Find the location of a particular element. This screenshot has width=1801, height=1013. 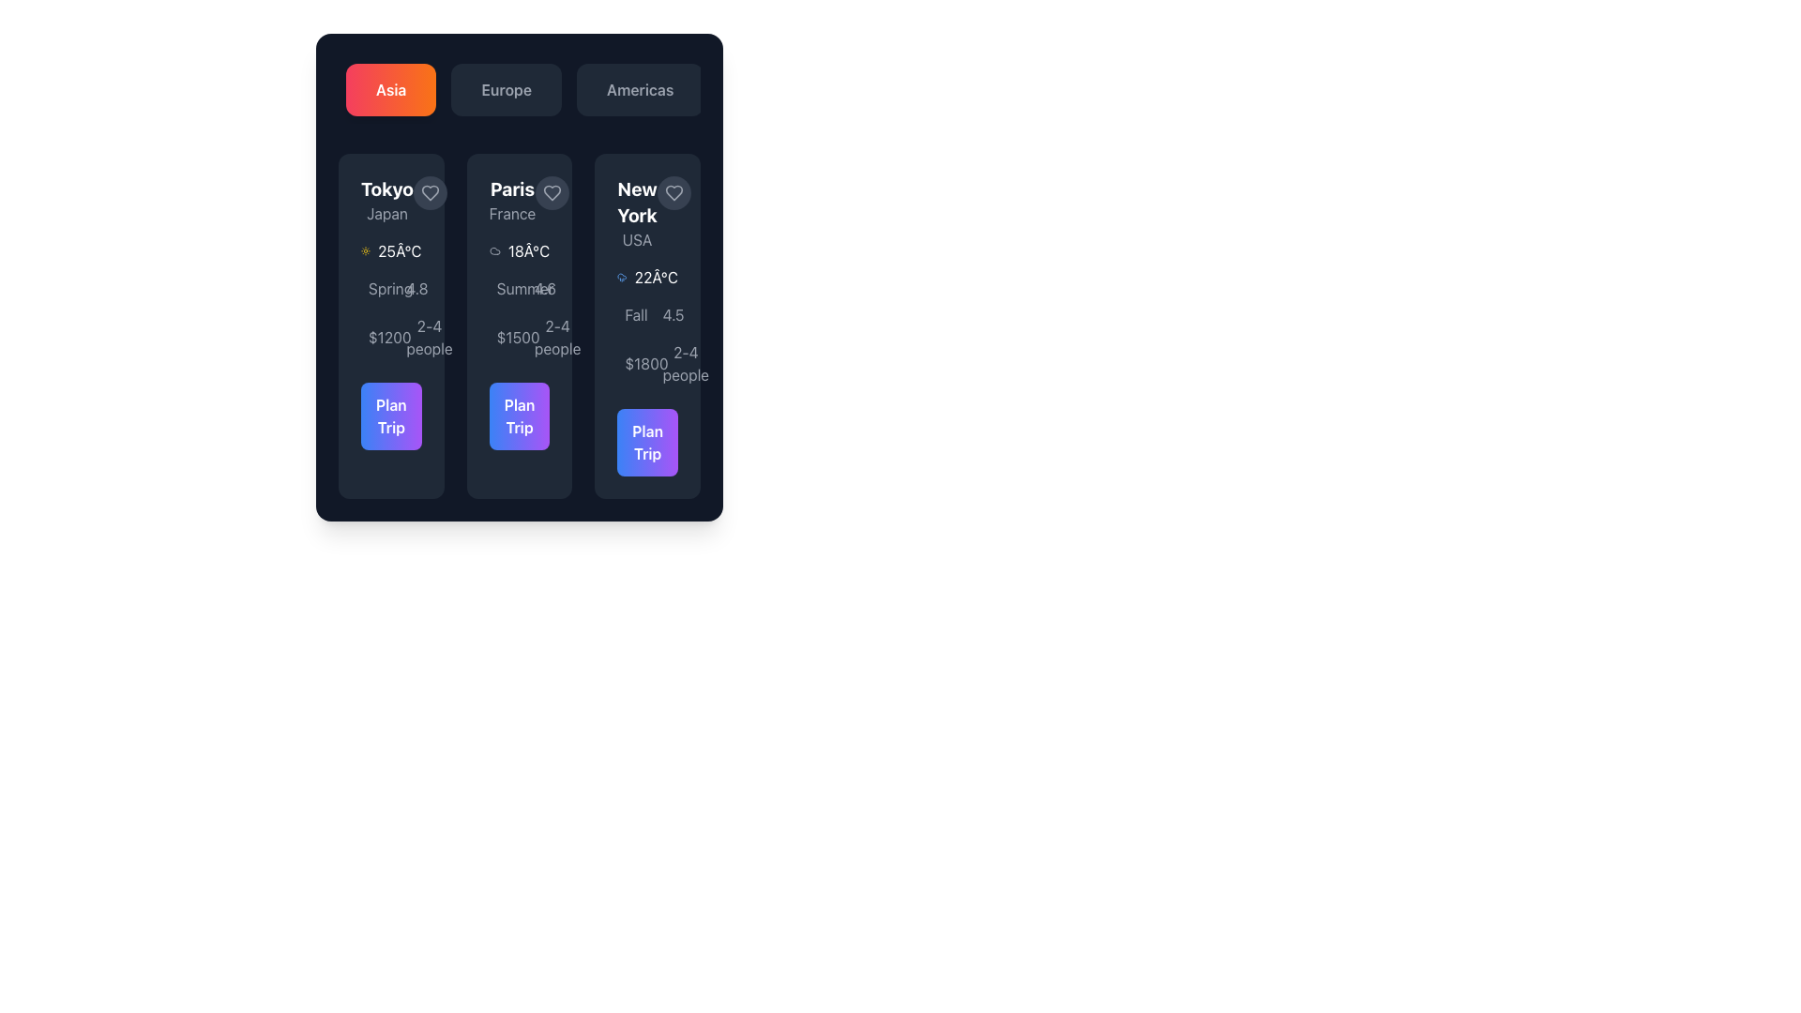

the text label indicating 'Tokyo, Japan', located in the first column of a grid layout, above weather and travel-related details is located at coordinates (386, 200).